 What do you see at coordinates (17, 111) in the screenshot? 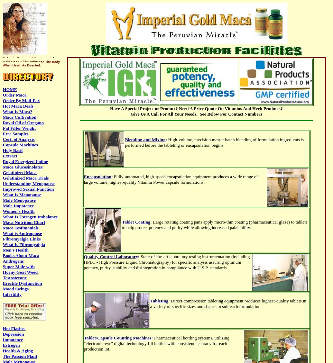
I see `'What Is Maca?'` at bounding box center [17, 111].